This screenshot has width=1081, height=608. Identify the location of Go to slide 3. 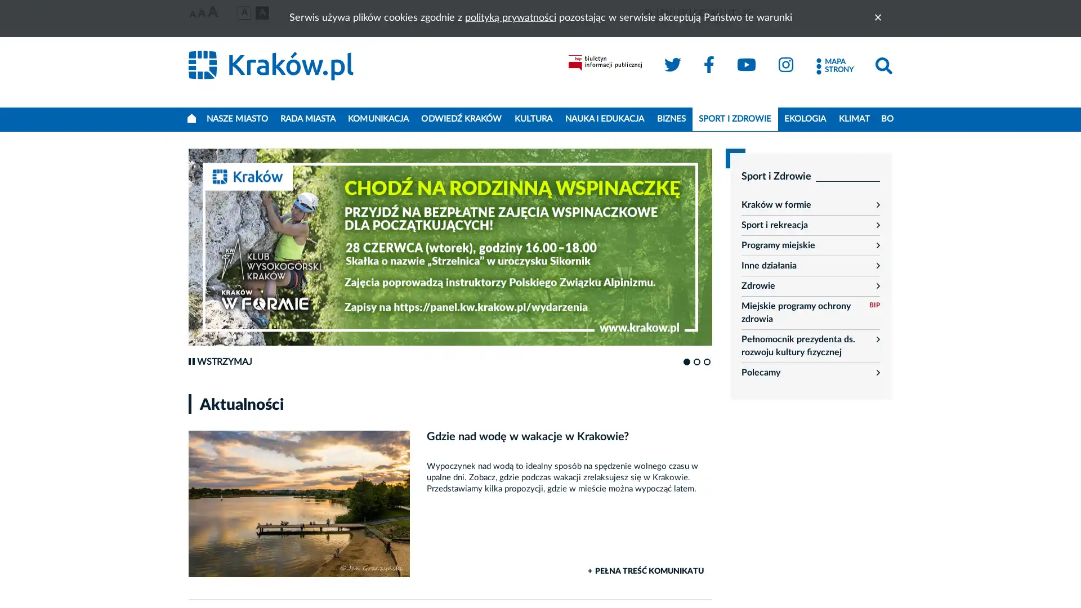
(707, 362).